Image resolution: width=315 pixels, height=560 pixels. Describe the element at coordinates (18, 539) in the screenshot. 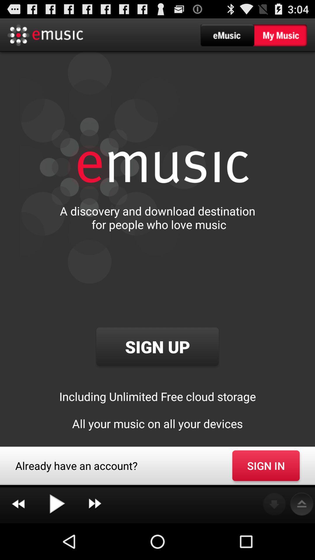

I see `the av_rewind icon` at that location.